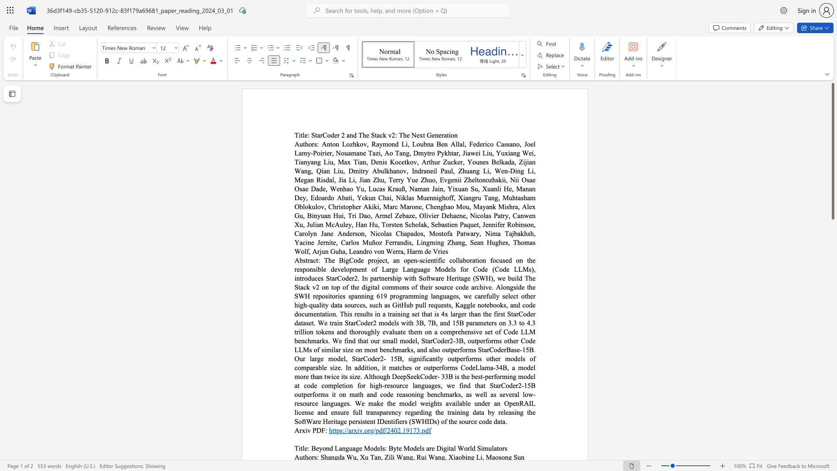 The width and height of the screenshot is (837, 471). Describe the element at coordinates (381, 430) in the screenshot. I see `the 1th character "d" in the text` at that location.